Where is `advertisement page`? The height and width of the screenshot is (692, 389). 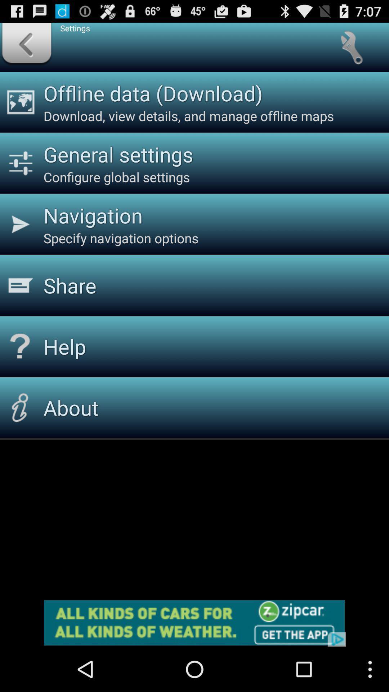 advertisement page is located at coordinates (194, 622).